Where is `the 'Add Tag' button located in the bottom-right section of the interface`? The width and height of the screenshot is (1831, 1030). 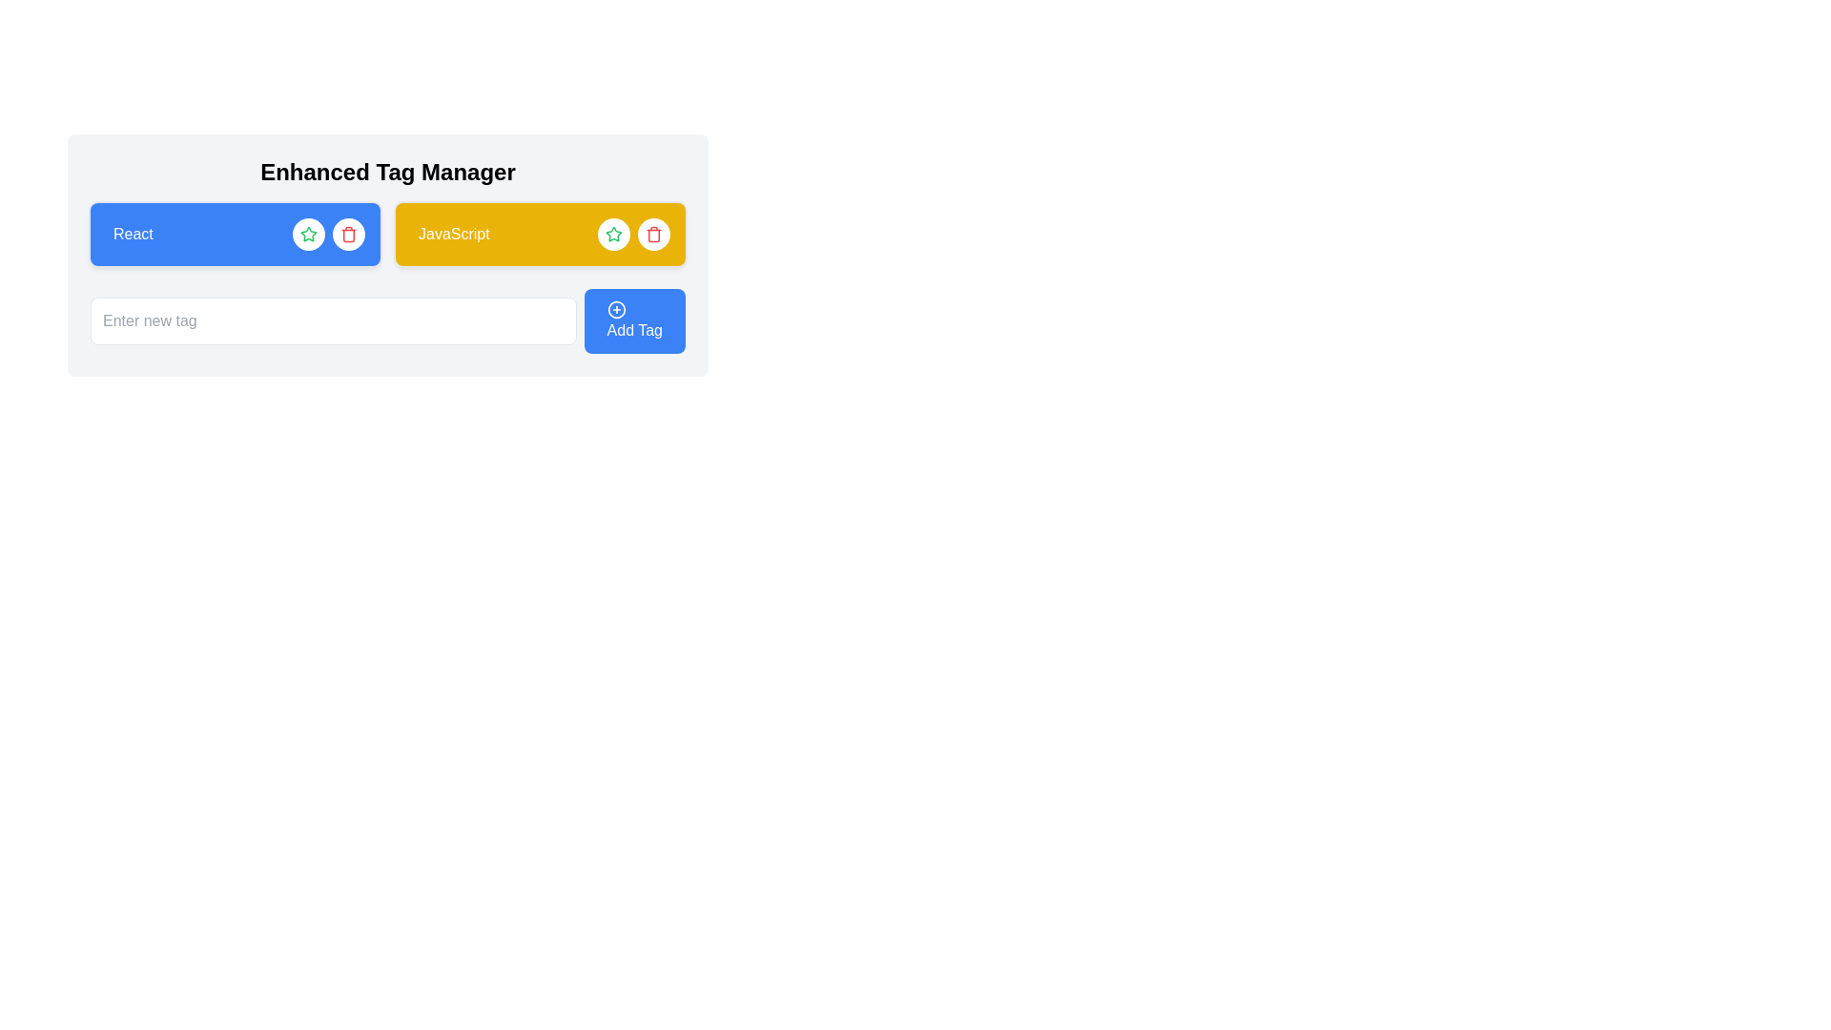 the 'Add Tag' button located in the bottom-right section of the interface is located at coordinates (616, 308).